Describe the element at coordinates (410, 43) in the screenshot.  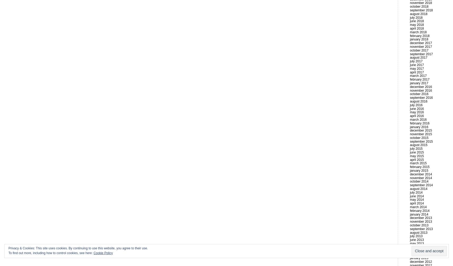
I see `'December 2017'` at that location.